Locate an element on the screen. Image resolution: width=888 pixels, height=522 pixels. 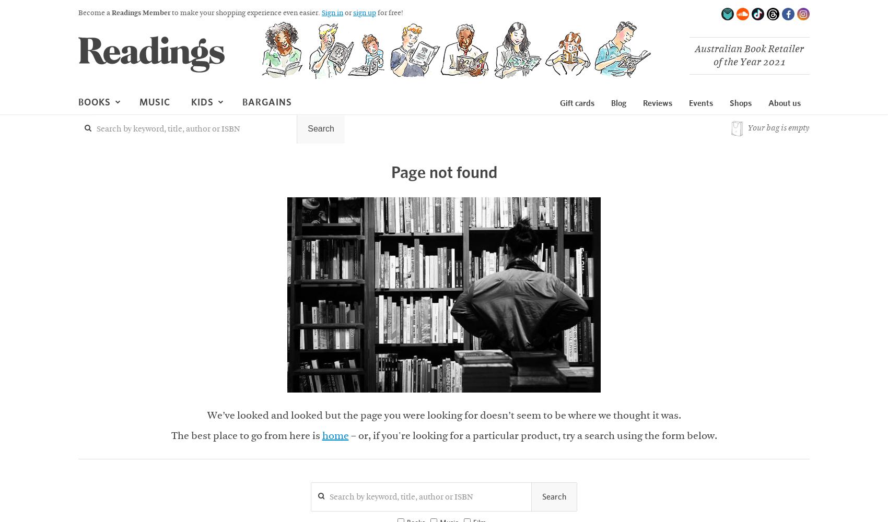
'Readings Member' is located at coordinates (141, 13).